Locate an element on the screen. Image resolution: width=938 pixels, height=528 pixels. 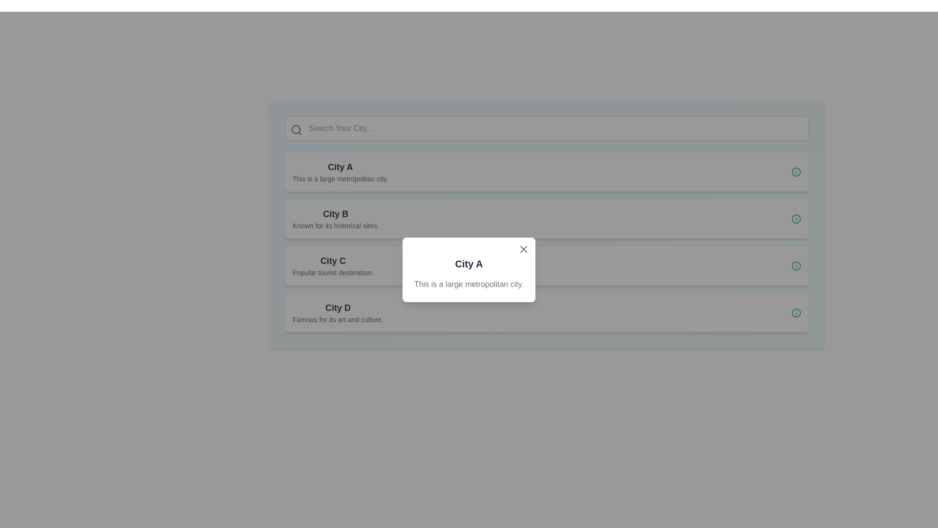
the static text element displaying 'City D', which serves as the title for selecting this city from a list is located at coordinates (338, 307).